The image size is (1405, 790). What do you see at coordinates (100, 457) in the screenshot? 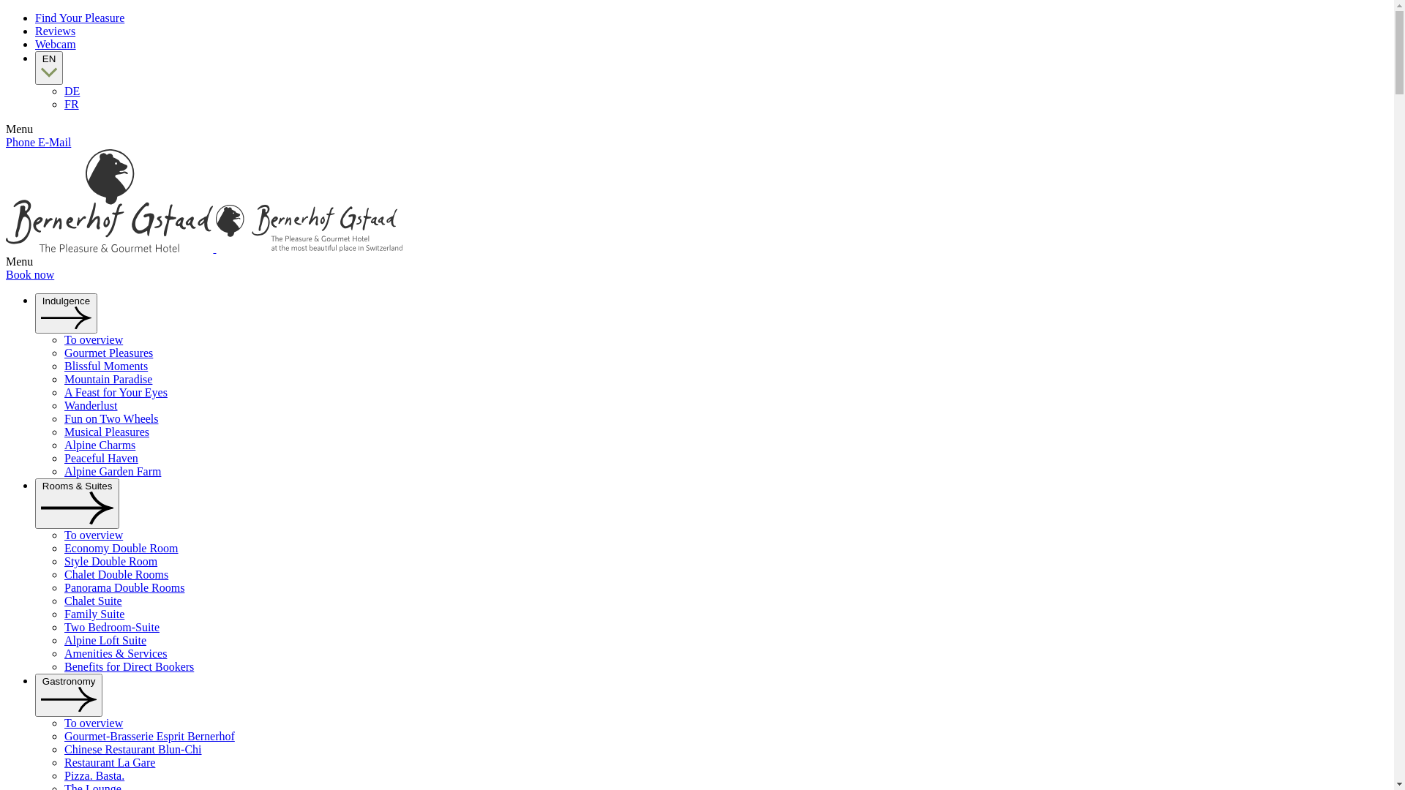
I see `'Peaceful Haven'` at bounding box center [100, 457].